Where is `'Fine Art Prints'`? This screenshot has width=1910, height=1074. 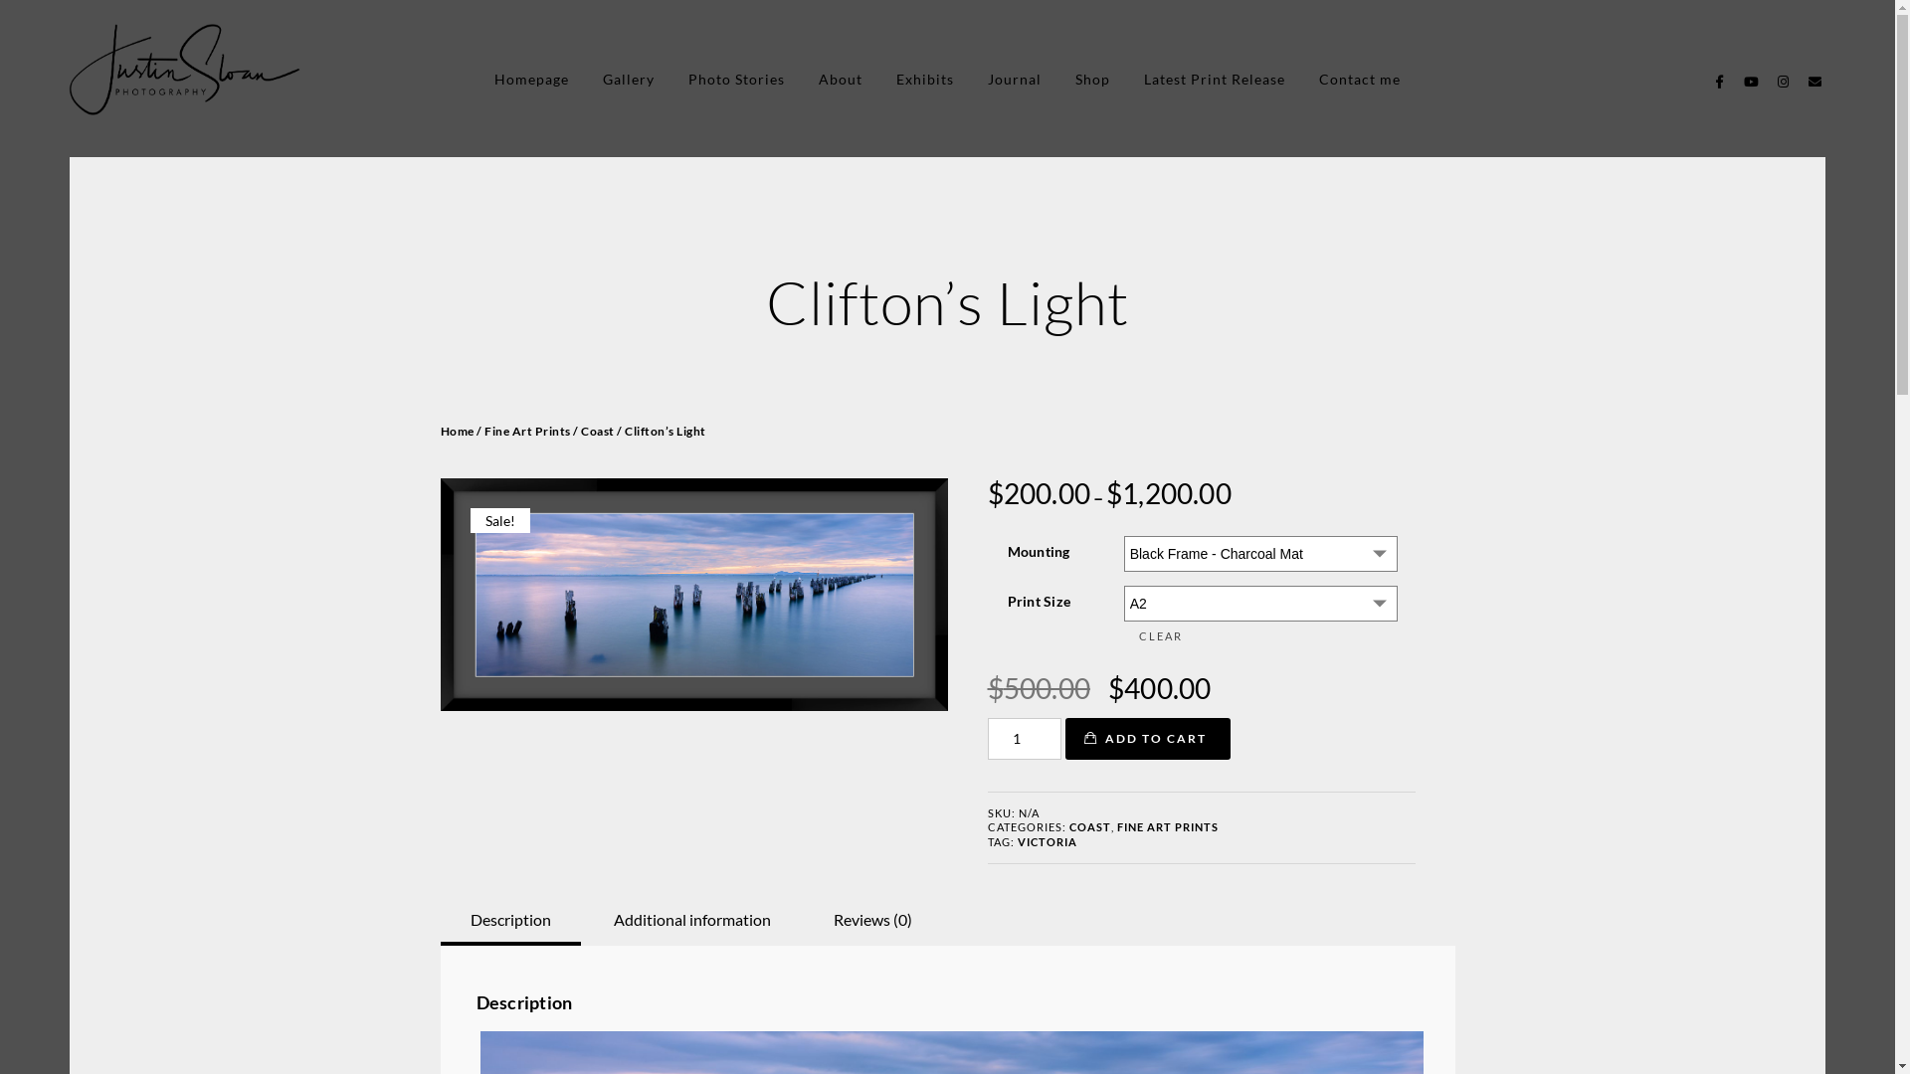
'Fine Art Prints' is located at coordinates (527, 430).